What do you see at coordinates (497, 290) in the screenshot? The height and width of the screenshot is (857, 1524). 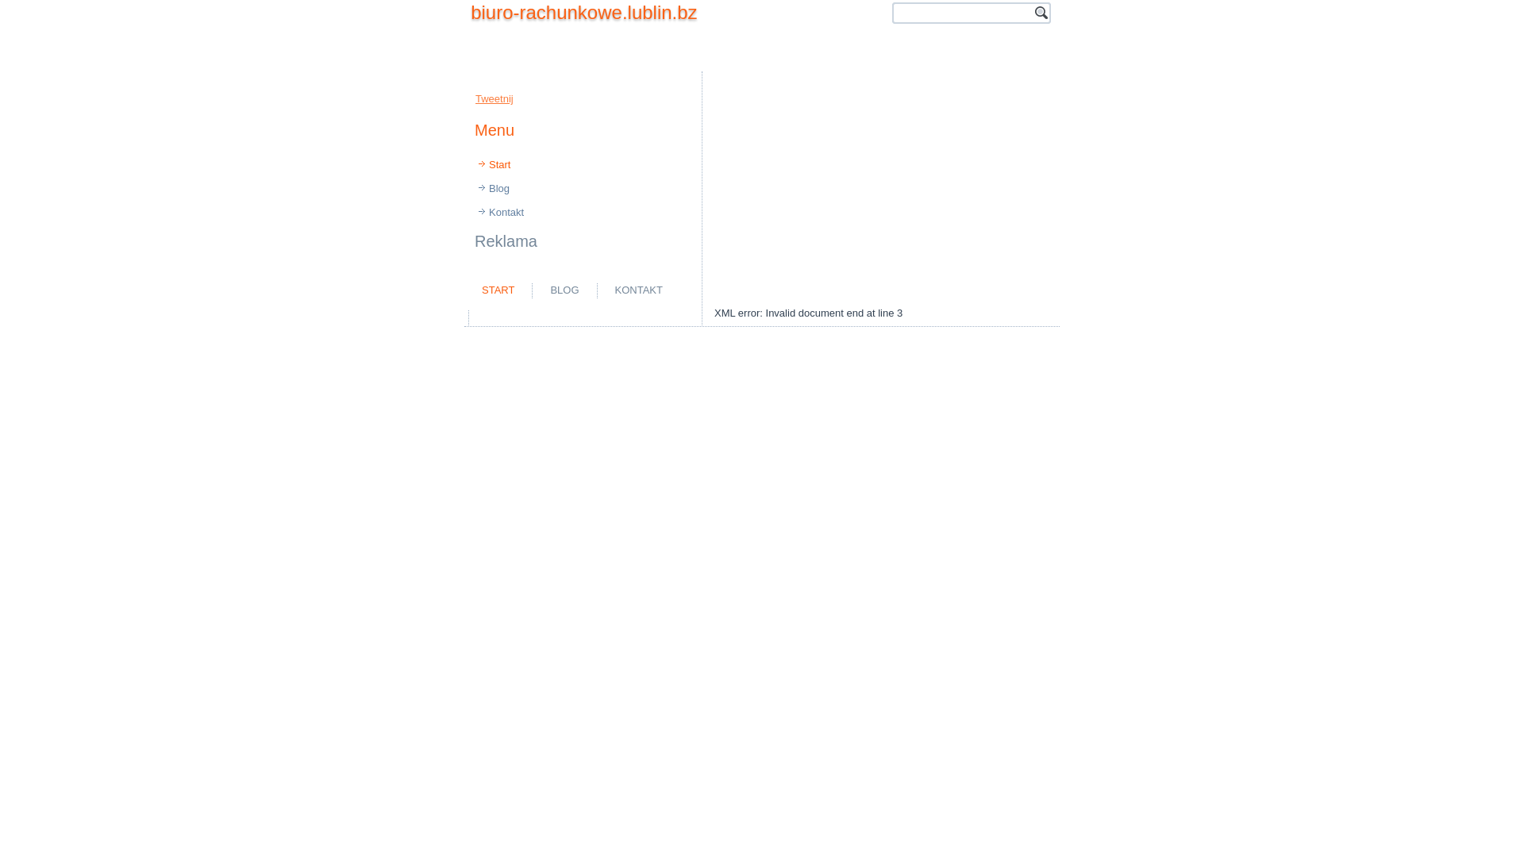 I see `'START'` at bounding box center [497, 290].